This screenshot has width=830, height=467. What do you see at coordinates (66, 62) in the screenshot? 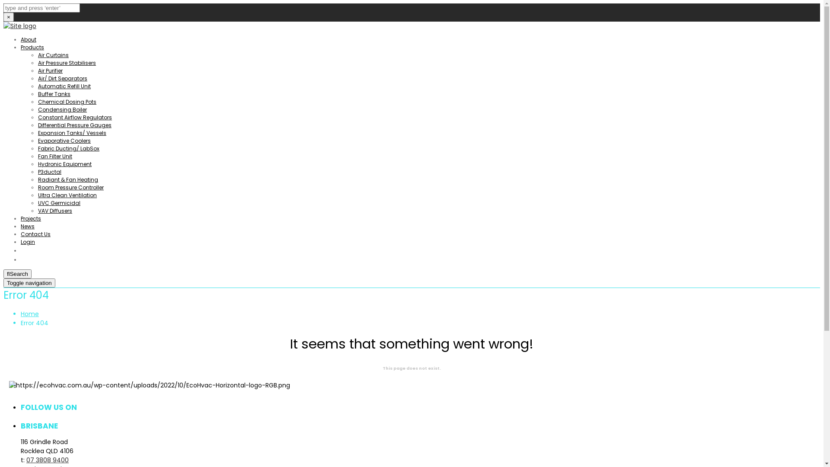
I see `'Air Pressure Stabilisers'` at bounding box center [66, 62].